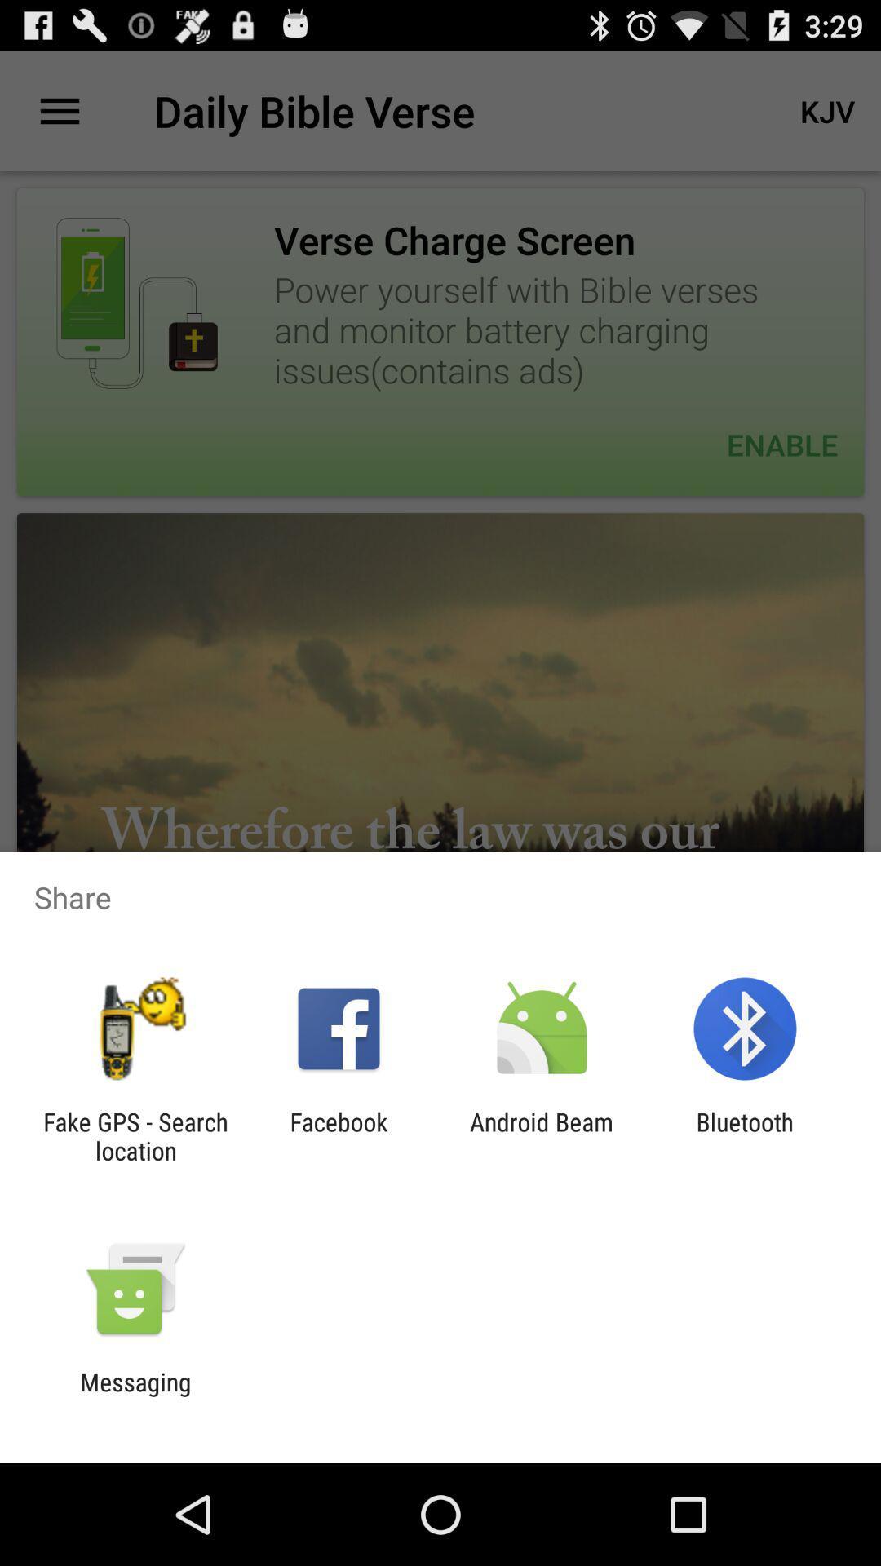  I want to click on the bluetooth item, so click(745, 1135).